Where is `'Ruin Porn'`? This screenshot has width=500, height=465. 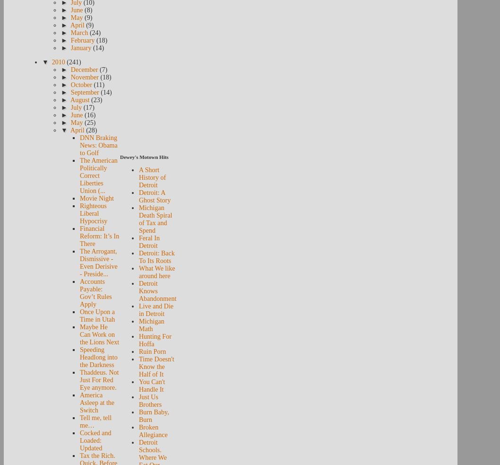 'Ruin Porn' is located at coordinates (138, 351).